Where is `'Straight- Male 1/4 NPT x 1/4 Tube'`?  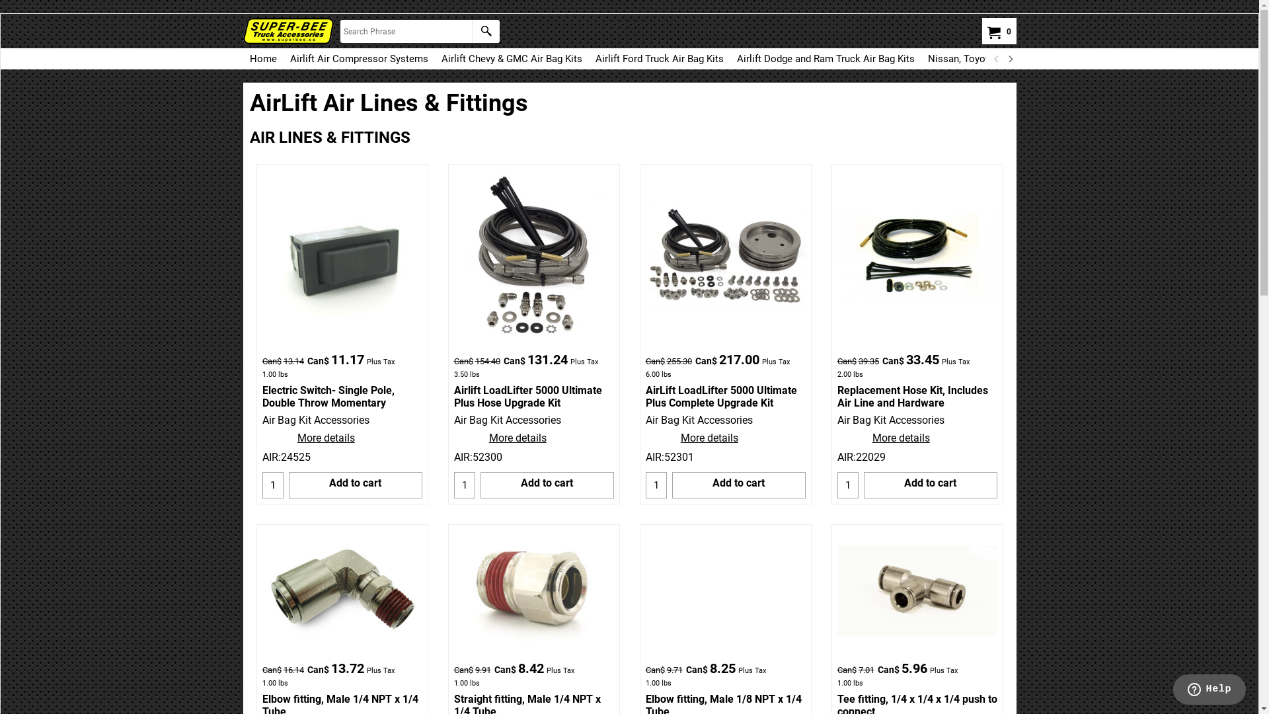
'Straight- Male 1/4 NPT x 1/4 Tube' is located at coordinates (533, 590).